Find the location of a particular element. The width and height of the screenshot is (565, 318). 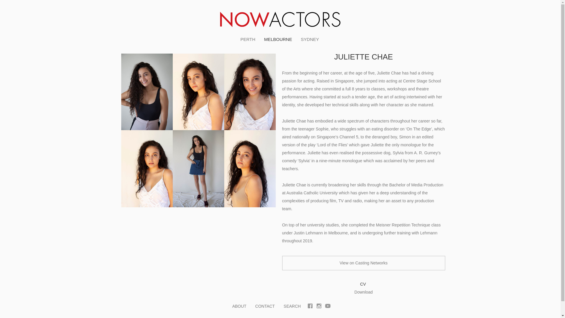

'CONTACT' is located at coordinates (265, 306).